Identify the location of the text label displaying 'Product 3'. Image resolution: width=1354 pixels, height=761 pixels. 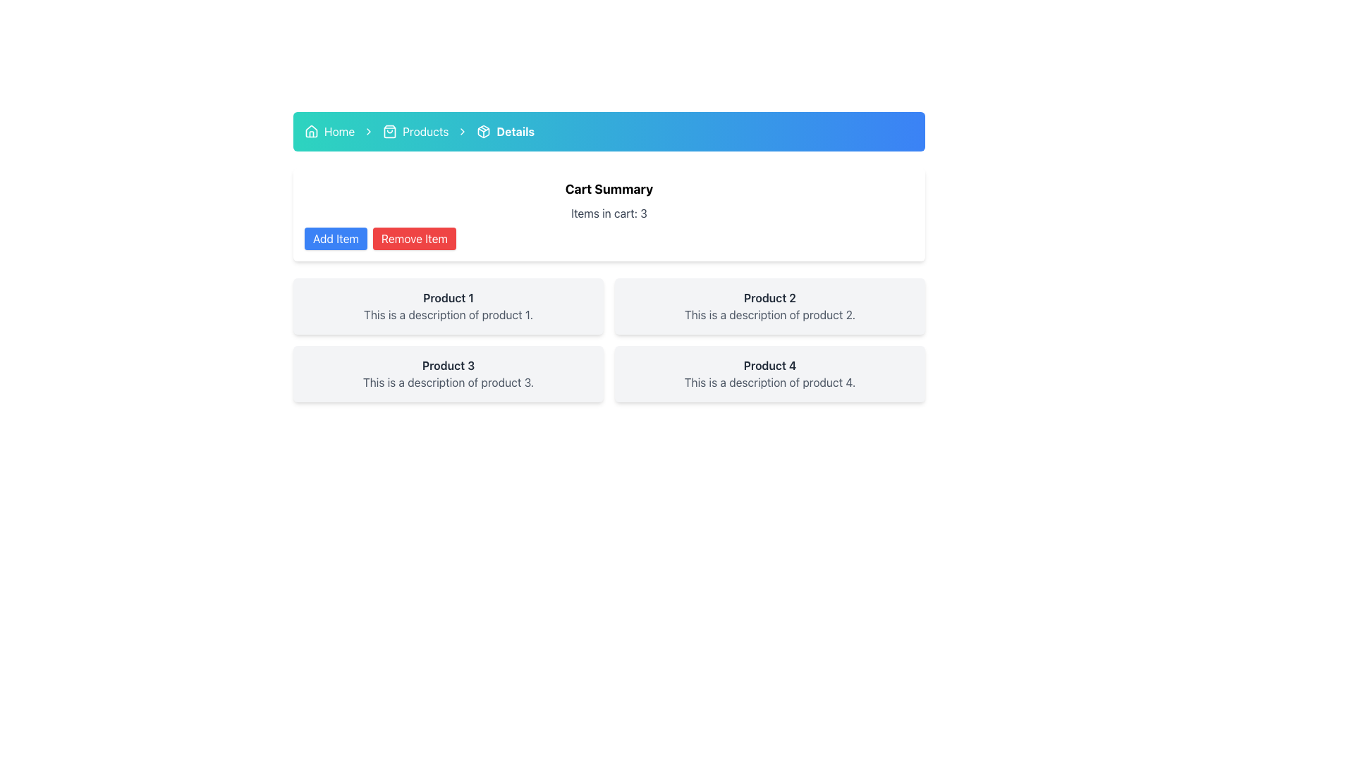
(447, 365).